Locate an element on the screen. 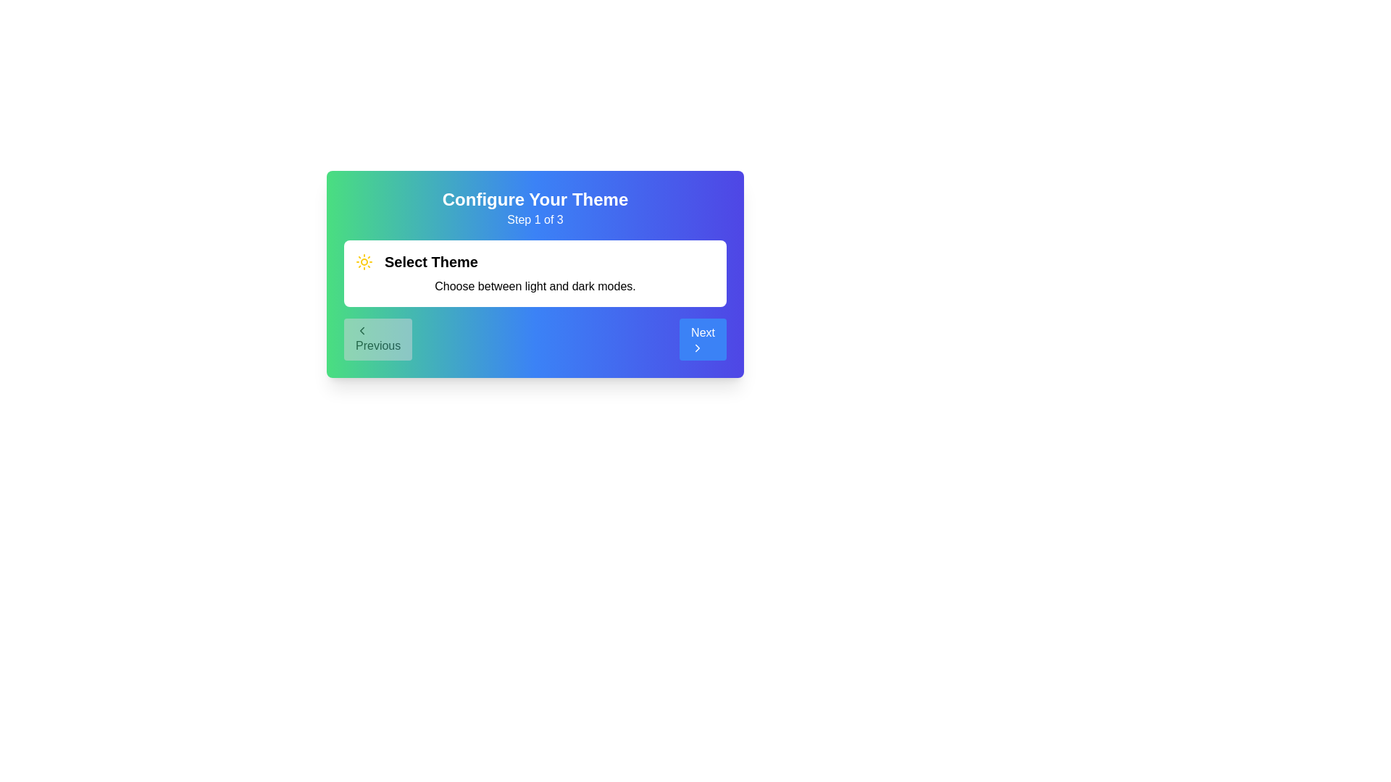  the 'Previous' button located in the bottom-left corner of the navigation controls is located at coordinates (378, 340).